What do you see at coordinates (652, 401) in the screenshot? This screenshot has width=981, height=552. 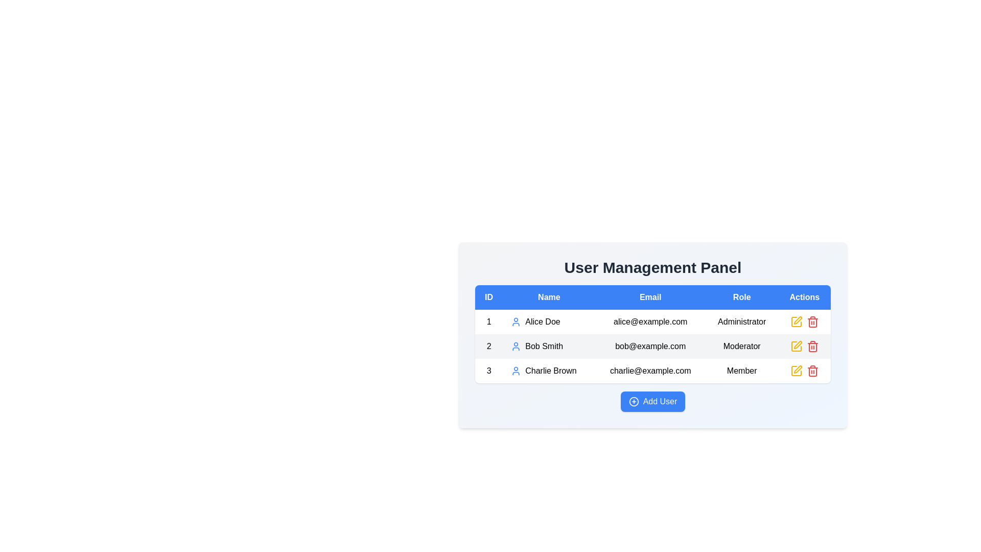 I see `the unique button below the 'User Management Panel'` at bounding box center [652, 401].